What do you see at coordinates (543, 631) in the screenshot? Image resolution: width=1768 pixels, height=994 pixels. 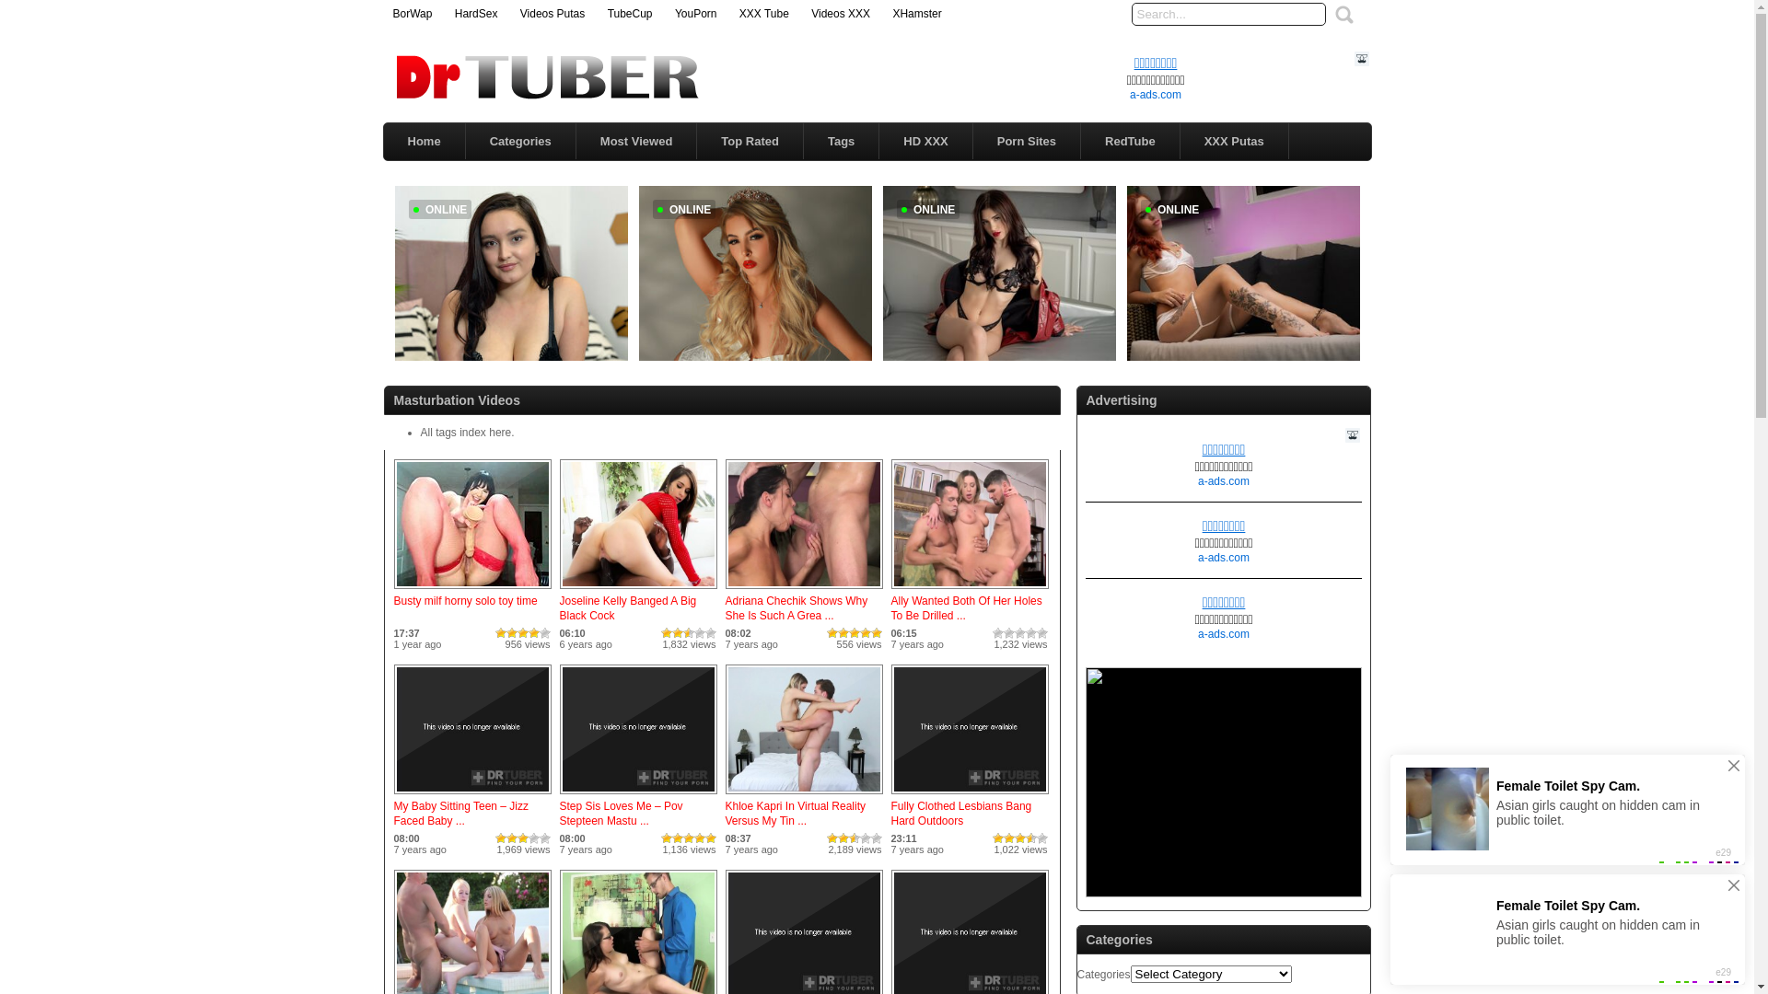 I see `'5 Stars'` at bounding box center [543, 631].